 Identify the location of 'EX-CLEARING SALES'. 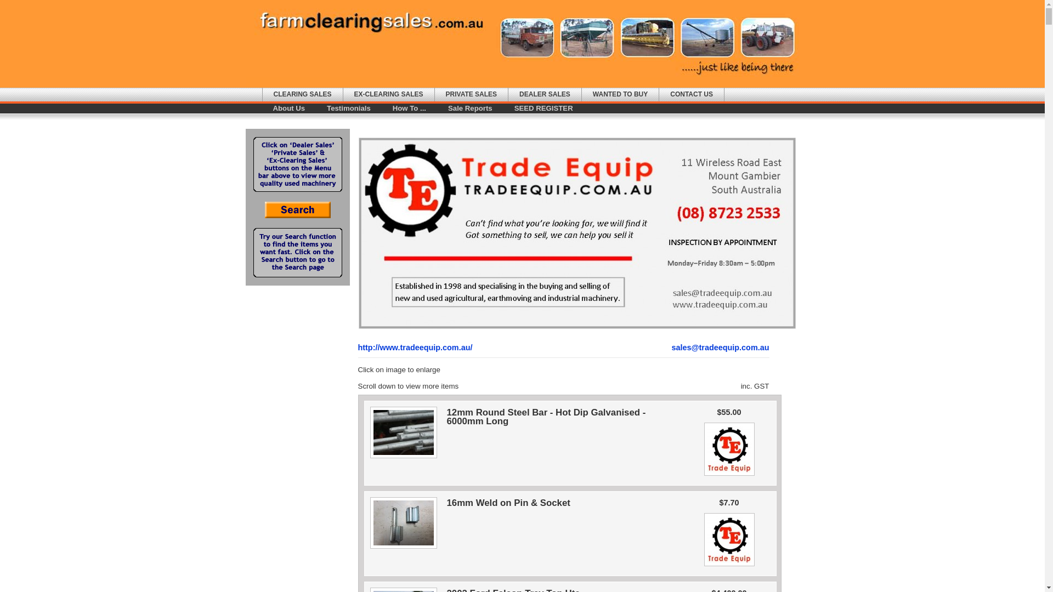
(389, 94).